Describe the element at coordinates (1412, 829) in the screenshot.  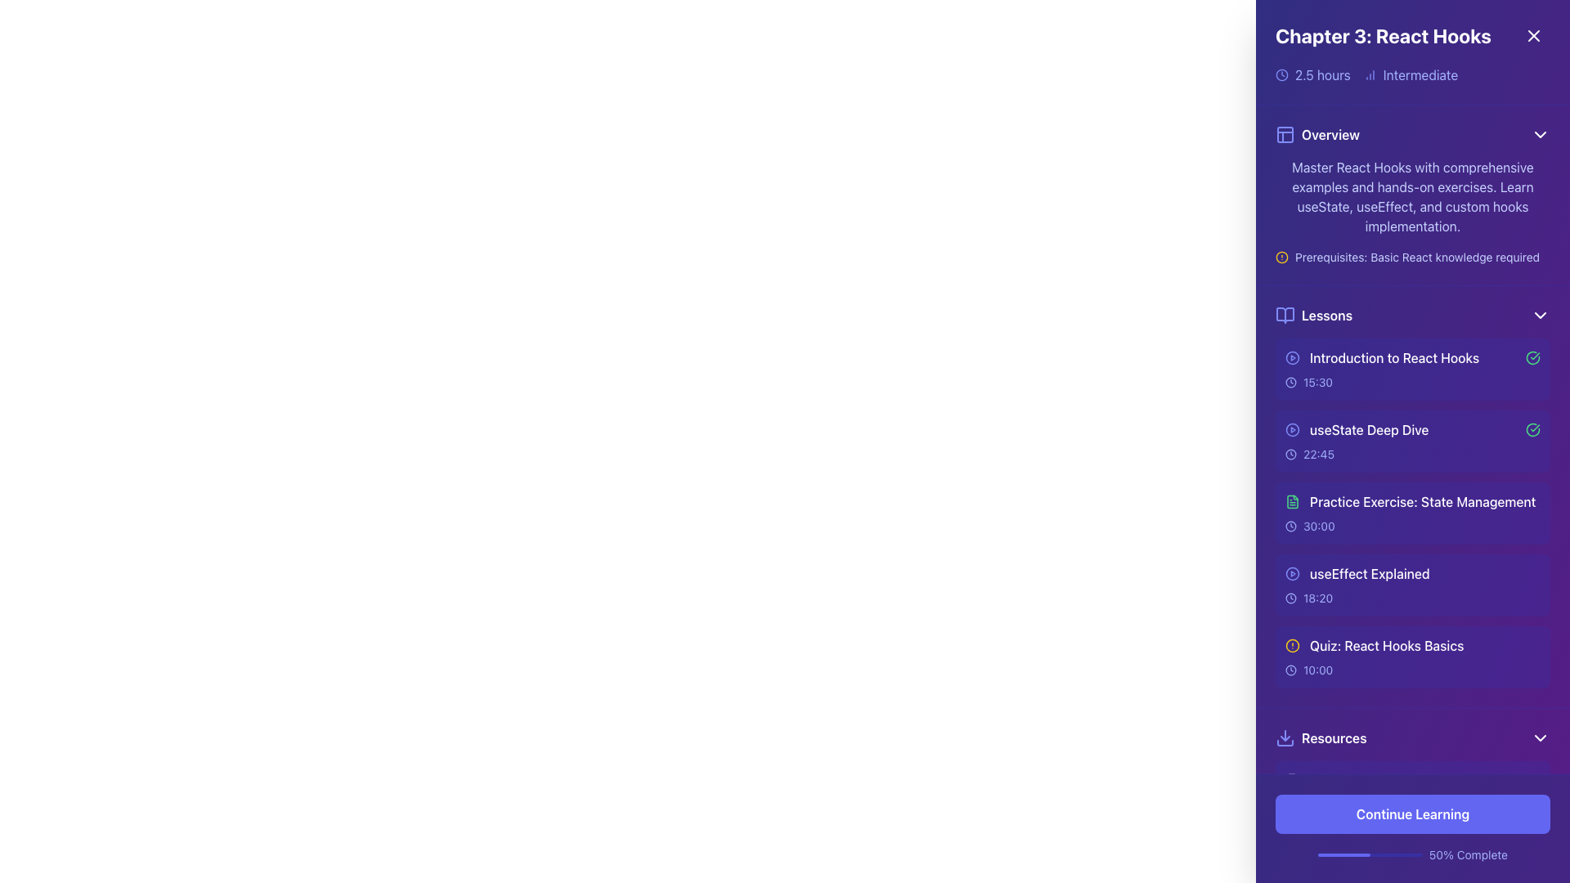
I see `the 'Exercise Files' button with a blue background and white text located in the 'Resources' section to observe a background color change` at that location.